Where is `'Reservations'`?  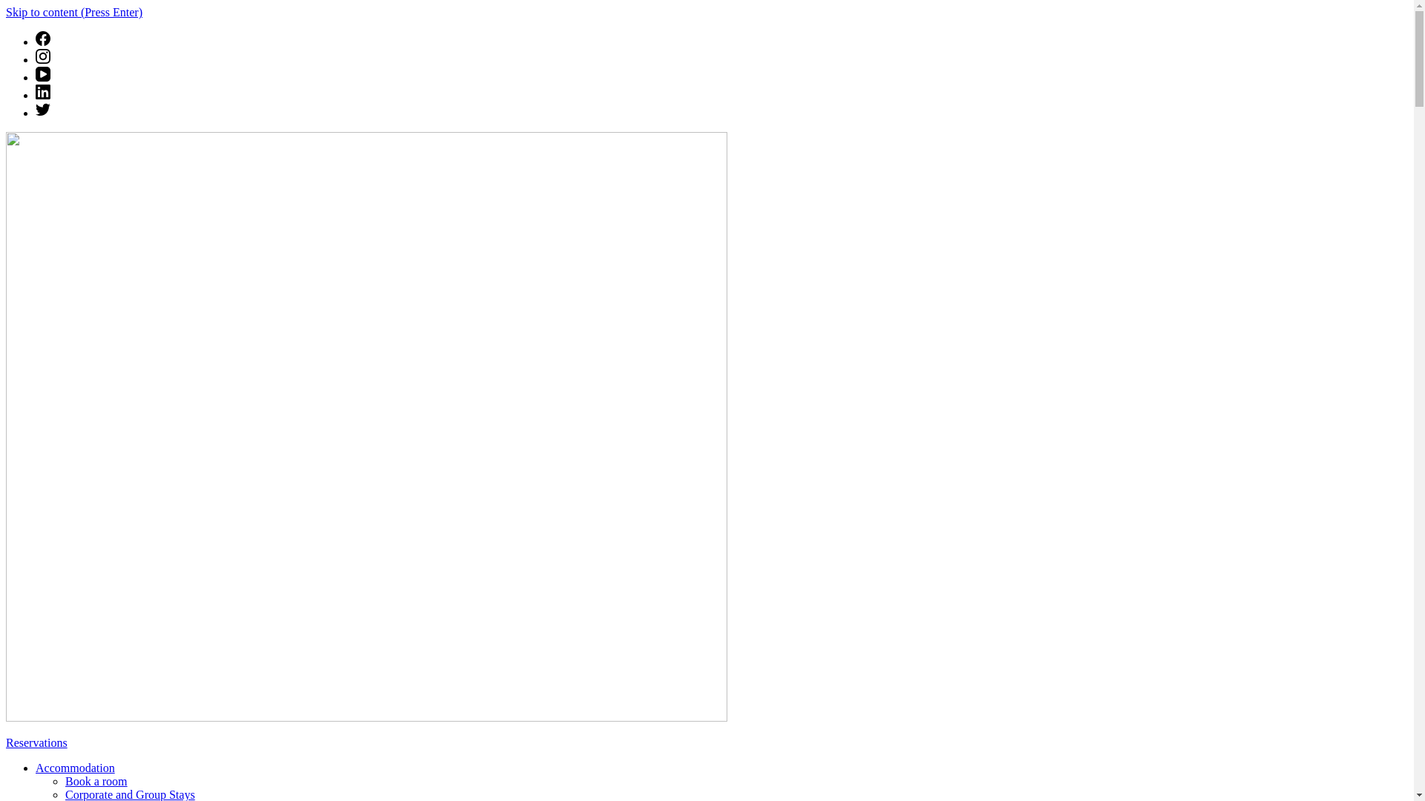
'Reservations' is located at coordinates (36, 742).